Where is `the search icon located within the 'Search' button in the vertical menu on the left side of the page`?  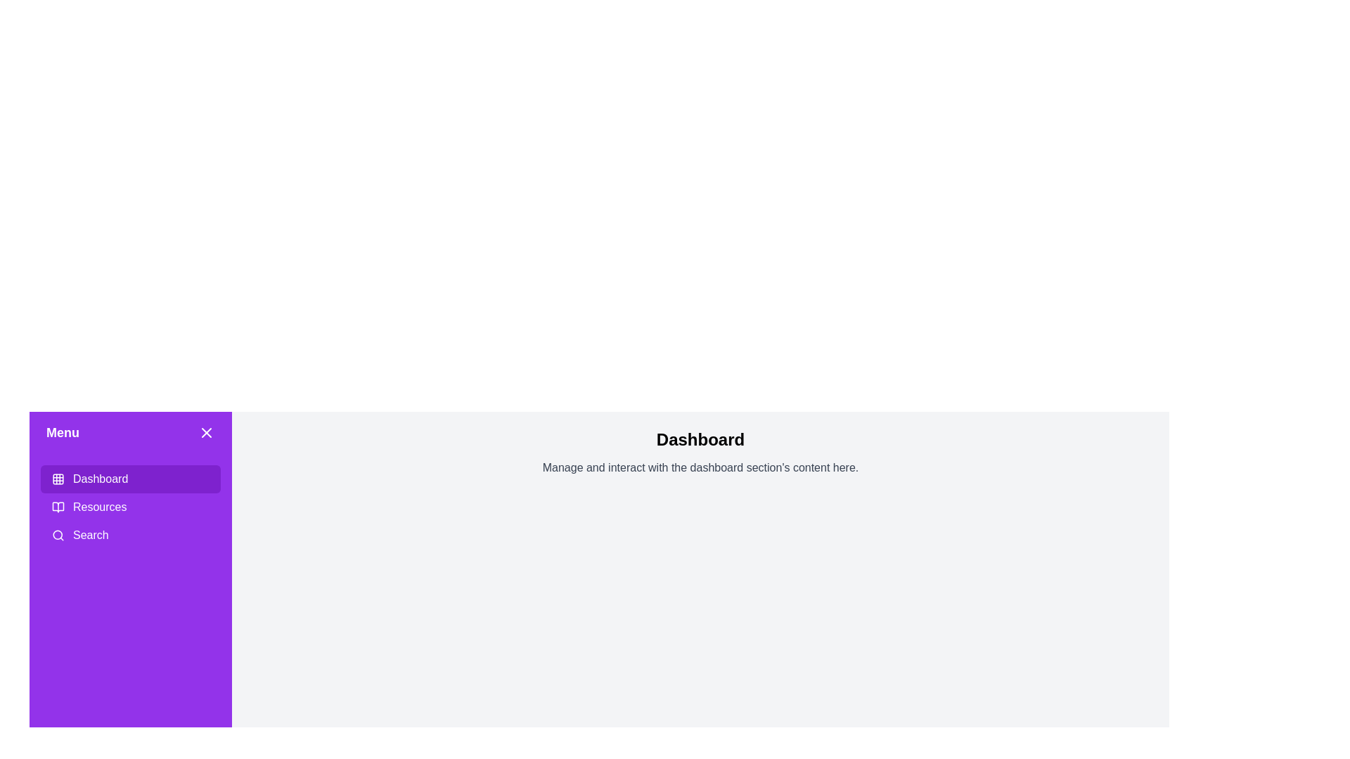
the search icon located within the 'Search' button in the vertical menu on the left side of the page is located at coordinates (57, 536).